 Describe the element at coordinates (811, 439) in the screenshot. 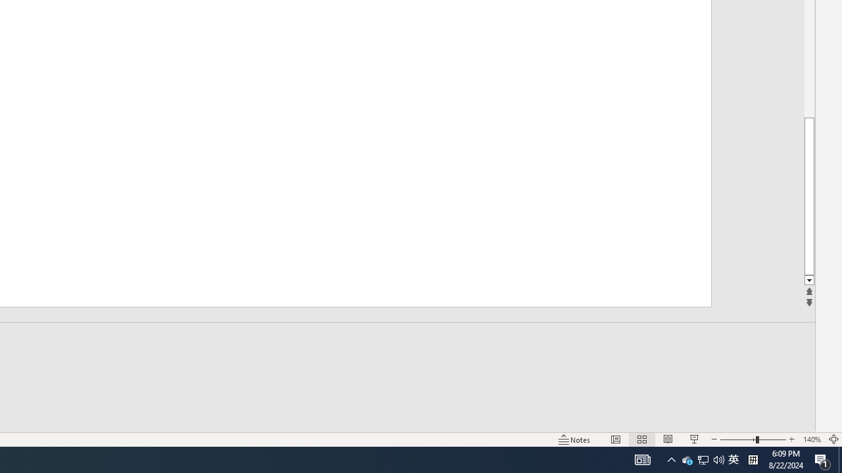

I see `'Zoom 140%'` at that location.